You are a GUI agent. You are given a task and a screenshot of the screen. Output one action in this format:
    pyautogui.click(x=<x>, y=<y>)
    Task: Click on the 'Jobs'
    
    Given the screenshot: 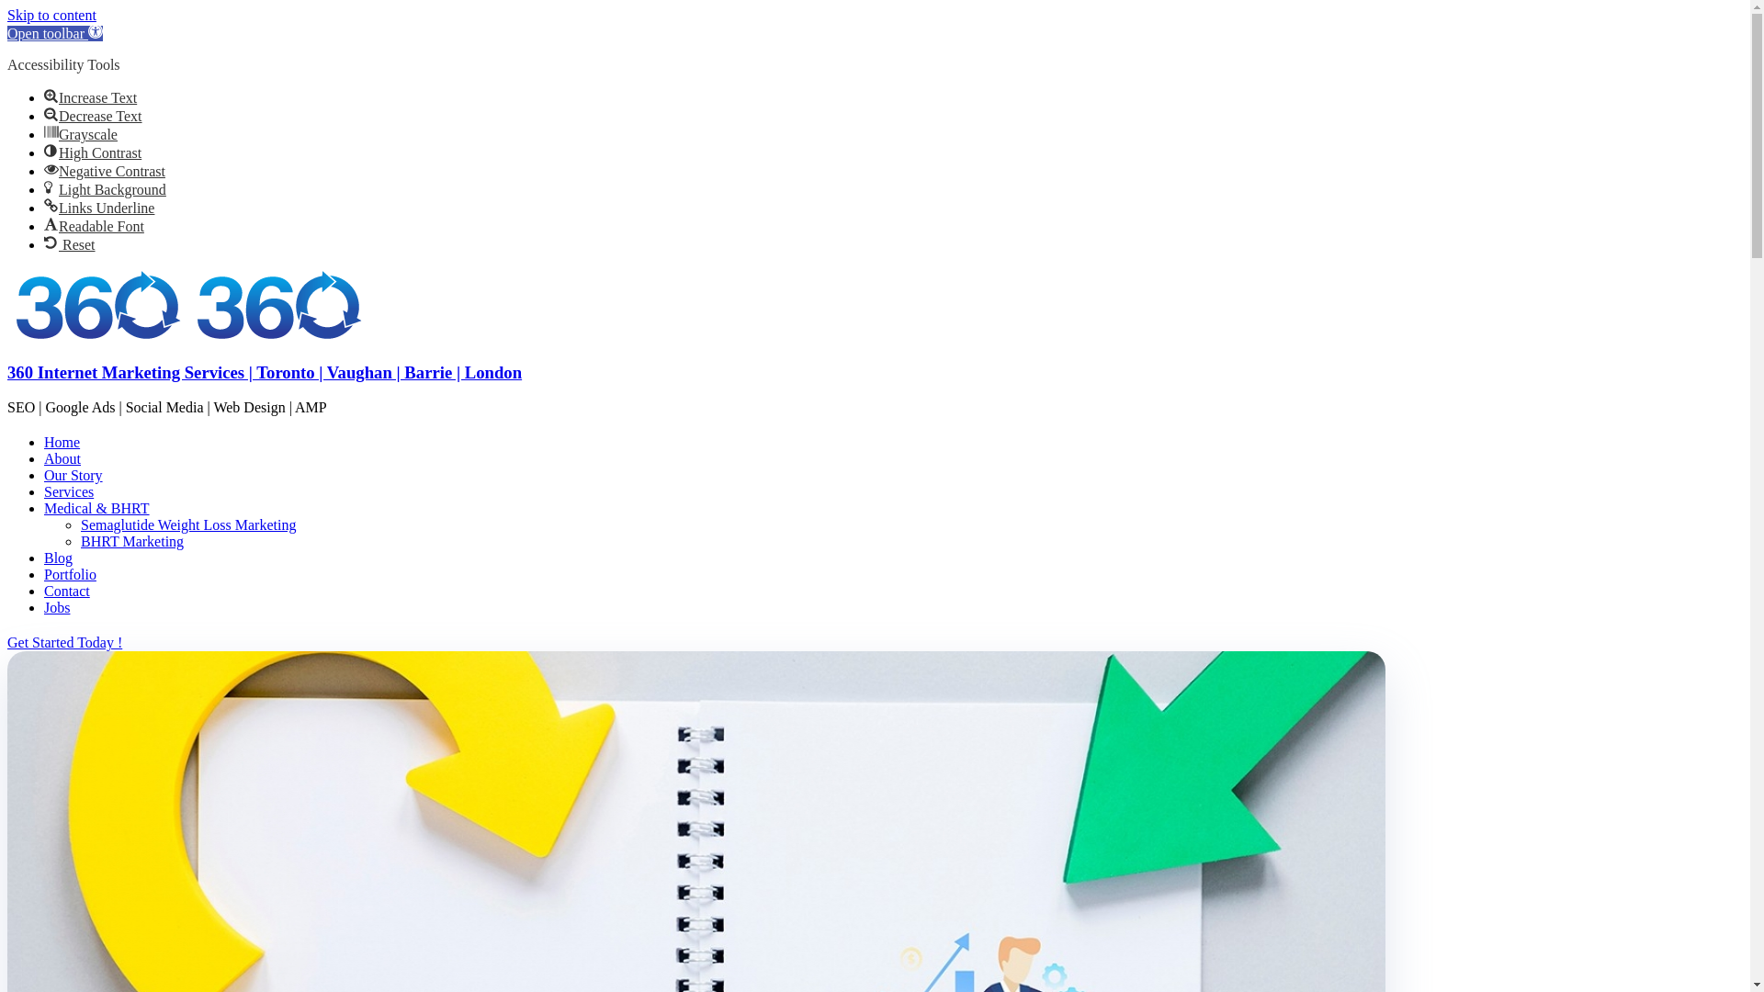 What is the action you would take?
    pyautogui.click(x=44, y=607)
    